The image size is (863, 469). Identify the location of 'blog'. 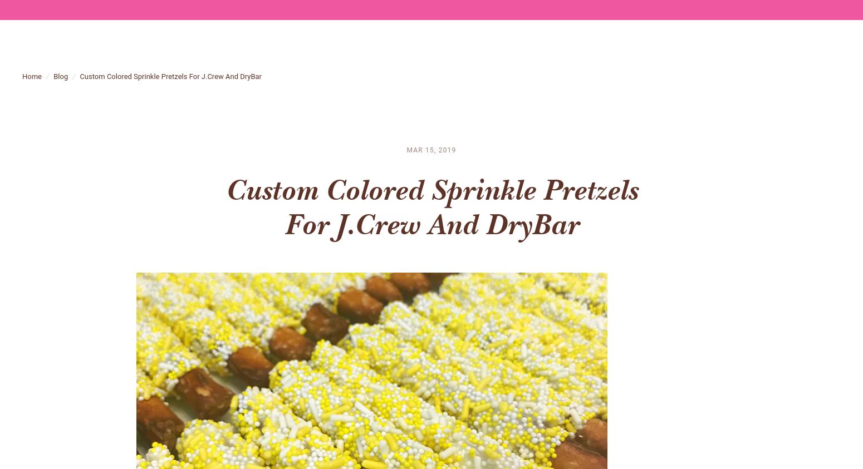
(665, 69).